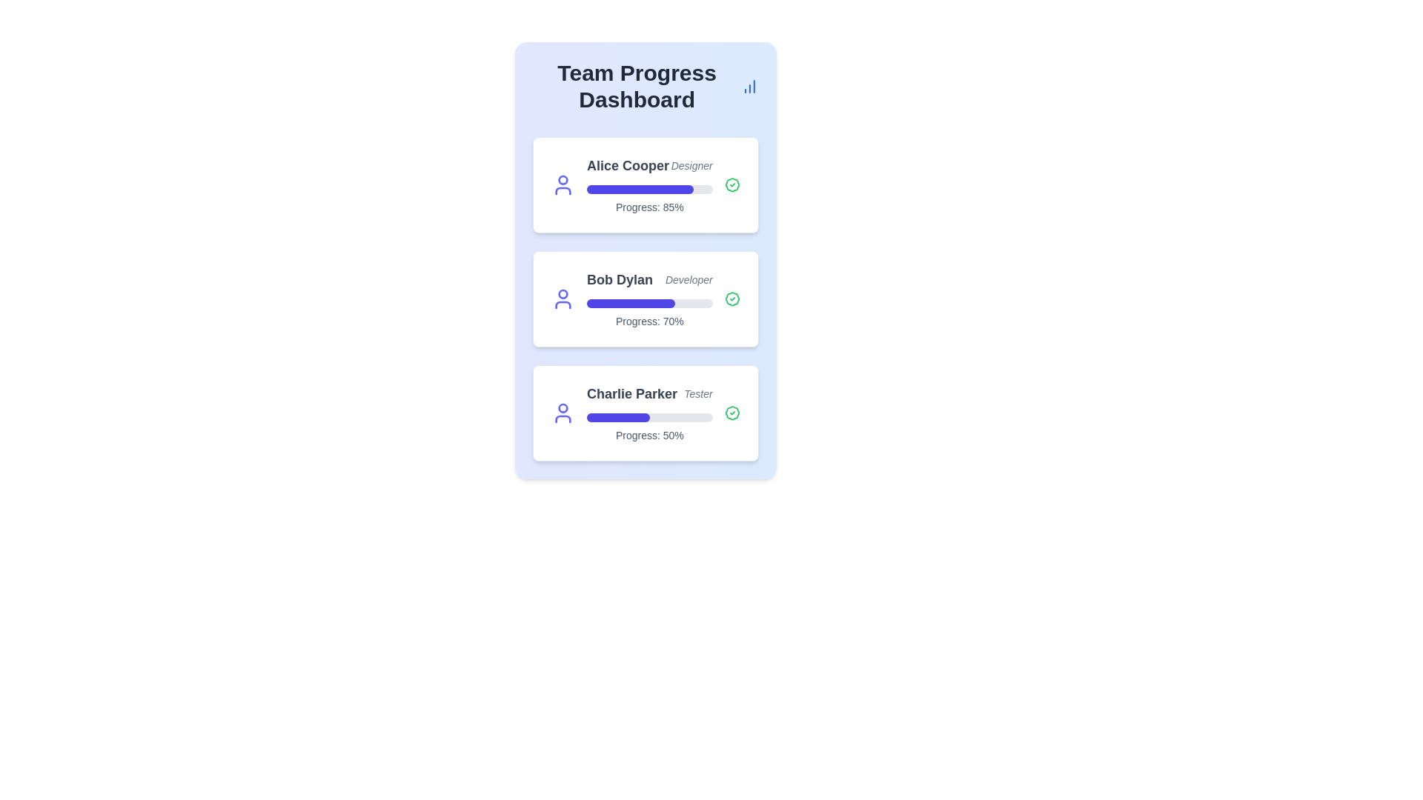 The image size is (1423, 800). I want to click on the text label displaying 'Bob Dylan' and their role 'Developer' within the second card of the Team Progress Dashboard, so click(649, 280).